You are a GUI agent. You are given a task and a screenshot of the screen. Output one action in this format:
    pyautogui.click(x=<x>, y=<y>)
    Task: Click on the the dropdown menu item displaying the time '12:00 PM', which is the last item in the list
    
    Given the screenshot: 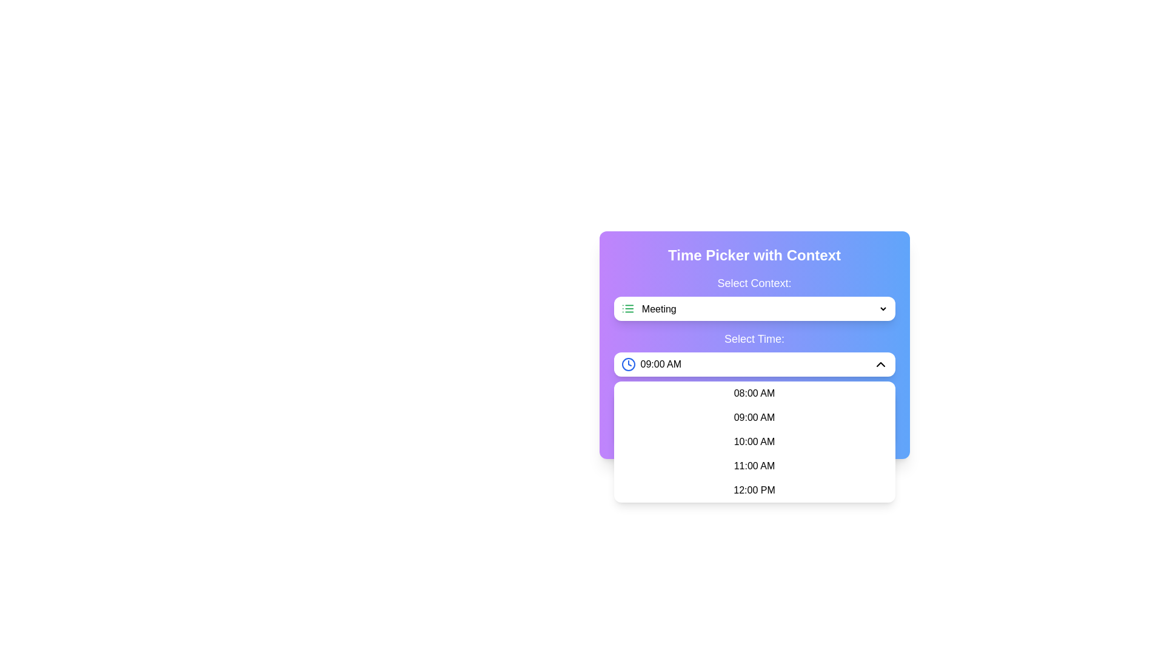 What is the action you would take?
    pyautogui.click(x=754, y=490)
    